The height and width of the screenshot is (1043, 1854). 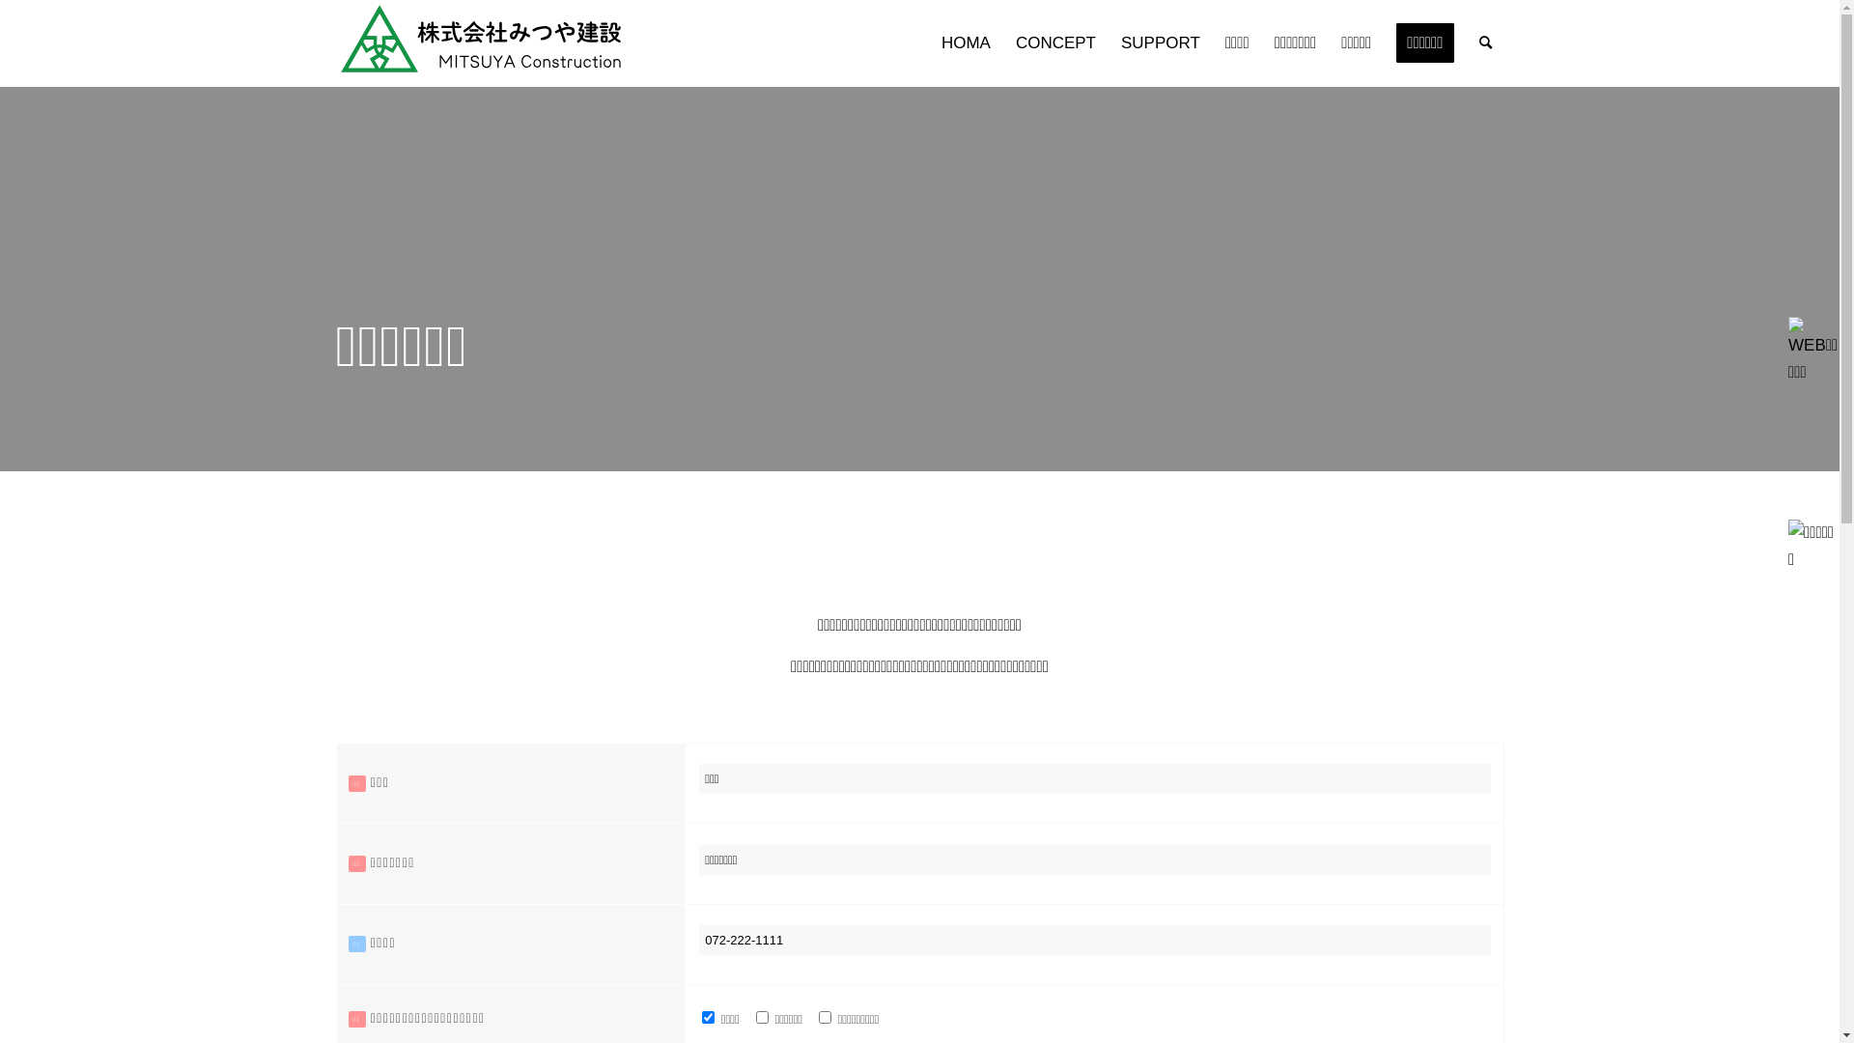 What do you see at coordinates (1054, 43) in the screenshot?
I see `'CONCEPT'` at bounding box center [1054, 43].